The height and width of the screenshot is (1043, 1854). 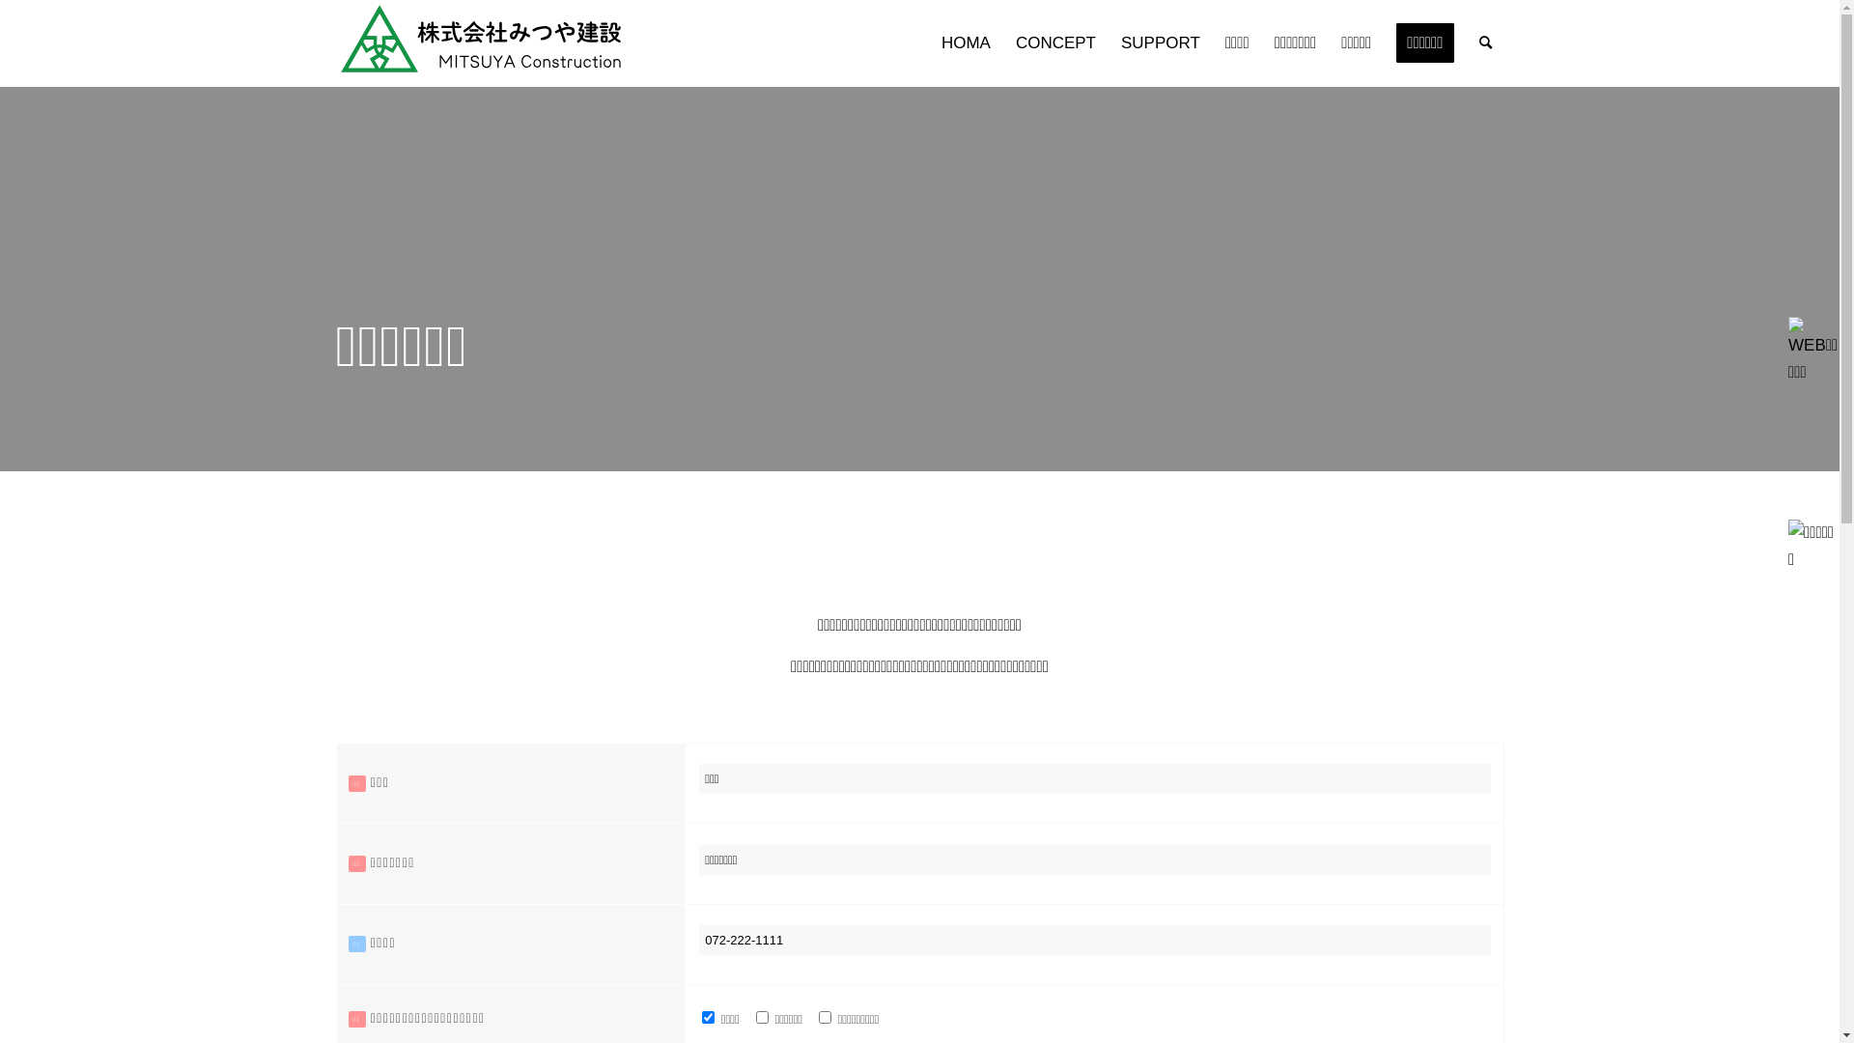 What do you see at coordinates (1054, 43) in the screenshot?
I see `'CONCEPT'` at bounding box center [1054, 43].